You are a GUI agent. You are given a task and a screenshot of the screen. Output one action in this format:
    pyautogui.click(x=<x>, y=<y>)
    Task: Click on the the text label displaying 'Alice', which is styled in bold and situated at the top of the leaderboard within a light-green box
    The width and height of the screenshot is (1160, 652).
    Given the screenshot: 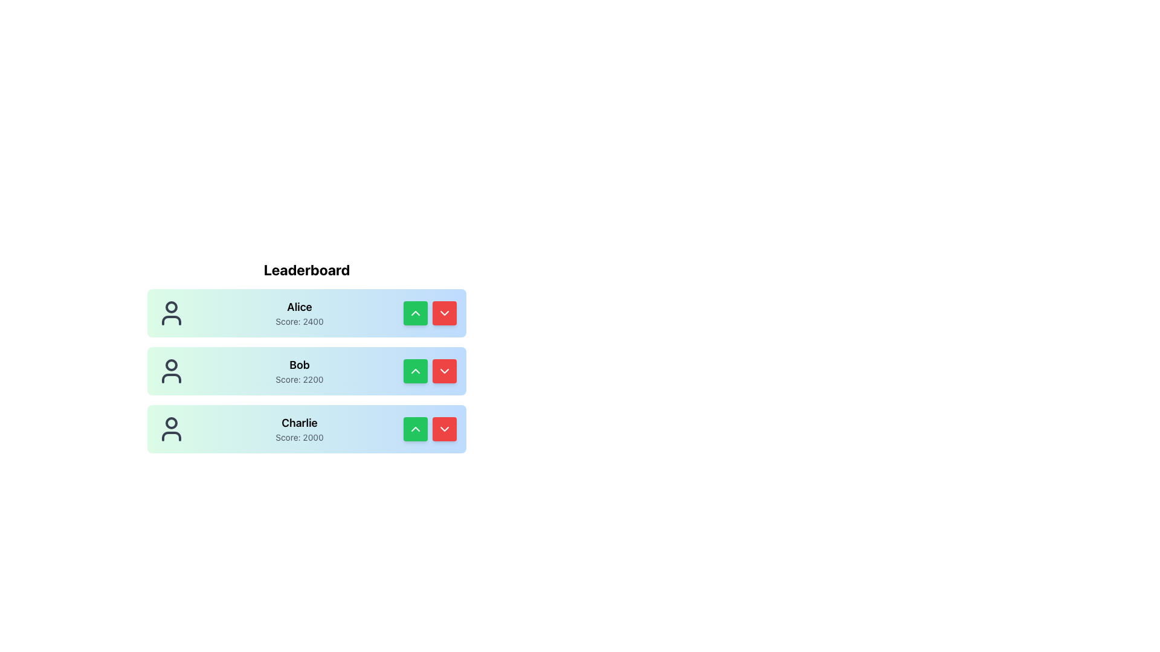 What is the action you would take?
    pyautogui.click(x=299, y=307)
    